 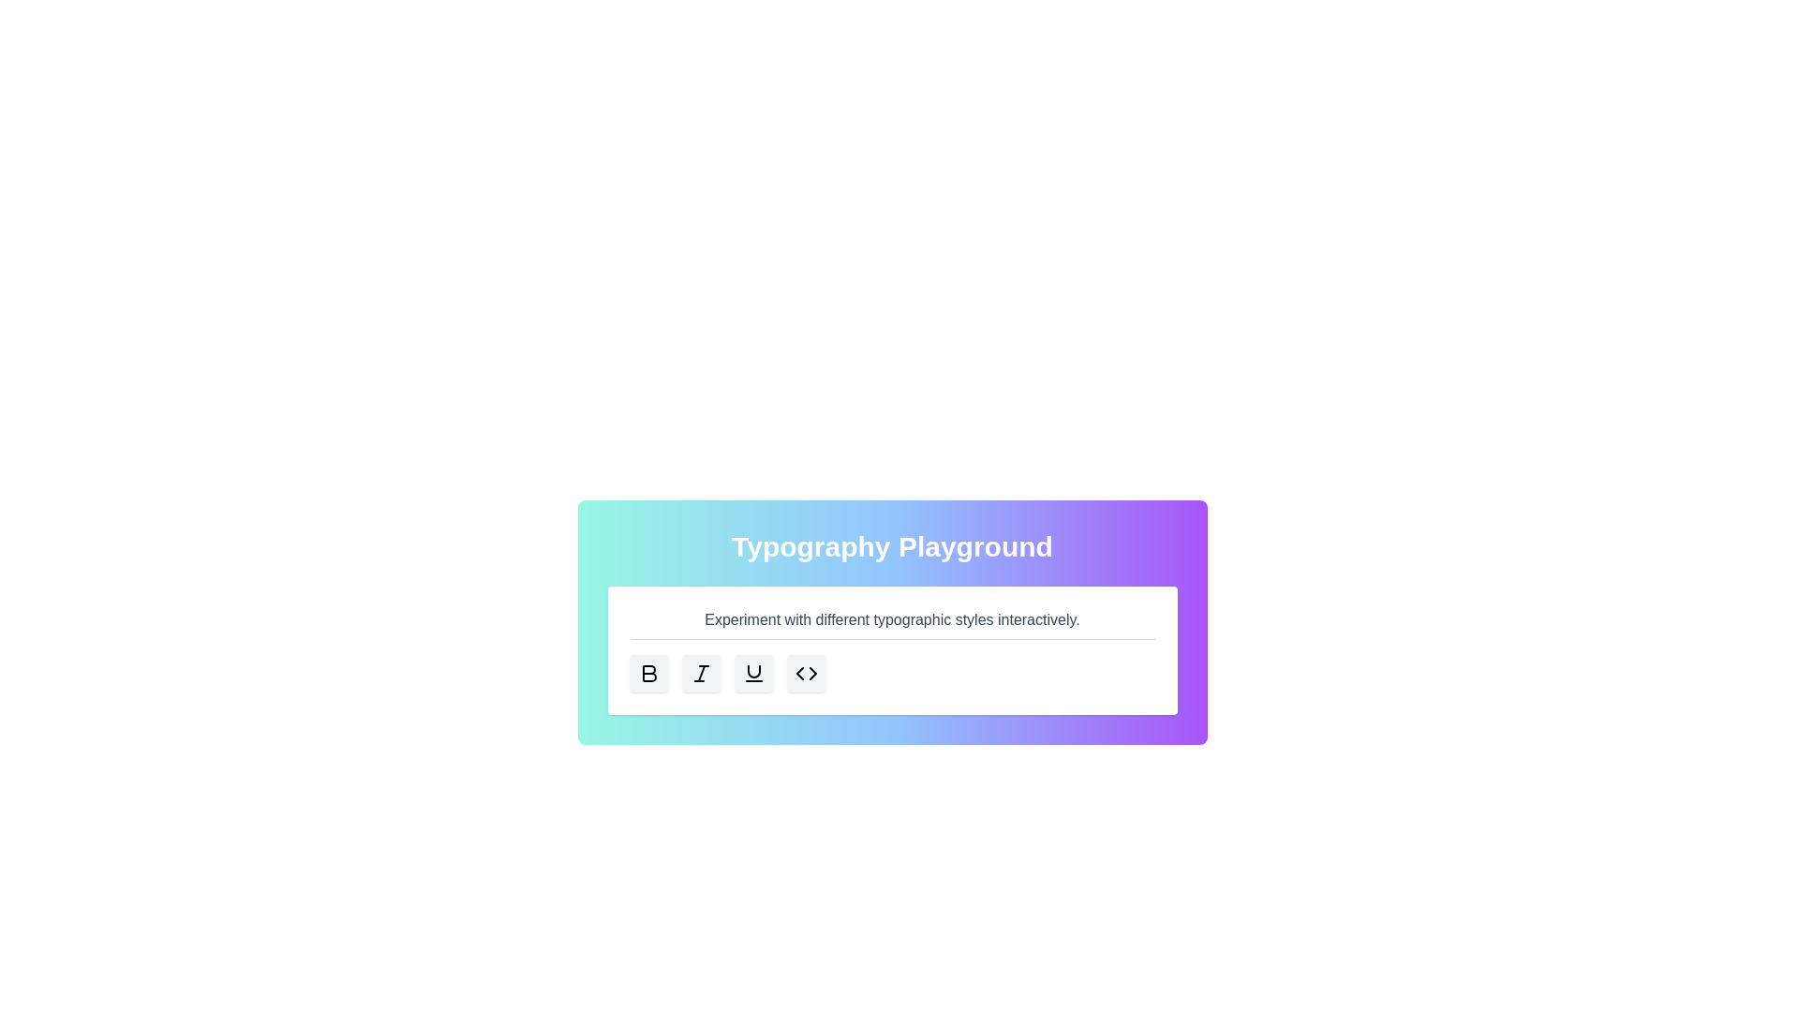 What do you see at coordinates (753, 672) in the screenshot?
I see `the third button in the toolbar to apply the underline style to the selected text in the text editor` at bounding box center [753, 672].